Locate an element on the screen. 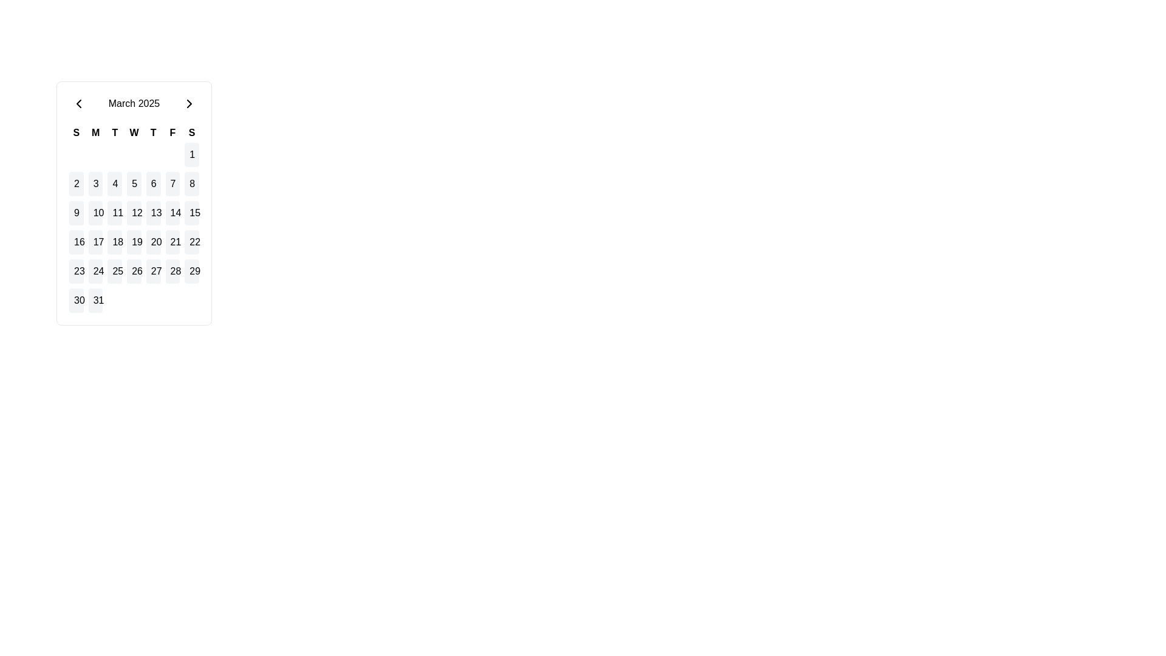  the bold letter 'T' in the calendar header, which is the third letter in the sequence of days of the week, positioned at the top of the grid layout is located at coordinates (115, 133).